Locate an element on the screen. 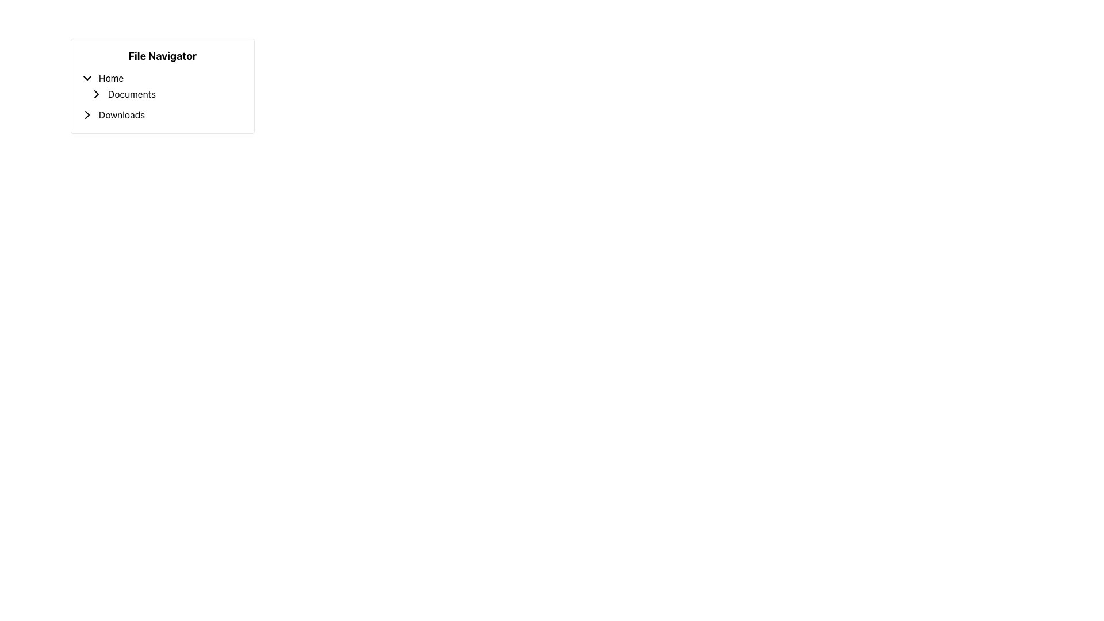 This screenshot has height=621, width=1104. the 'Home' menu item in the 'File Navigator' is located at coordinates (162, 78).